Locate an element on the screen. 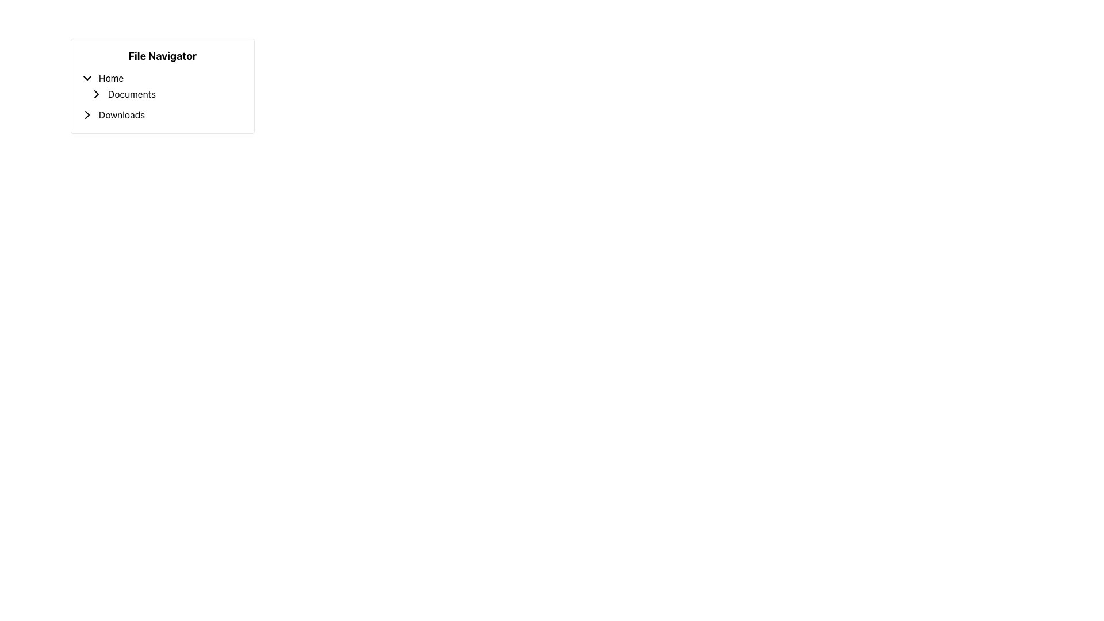 This screenshot has height=621, width=1104. the 'Home' menu item in the 'File Navigator' is located at coordinates (162, 78).